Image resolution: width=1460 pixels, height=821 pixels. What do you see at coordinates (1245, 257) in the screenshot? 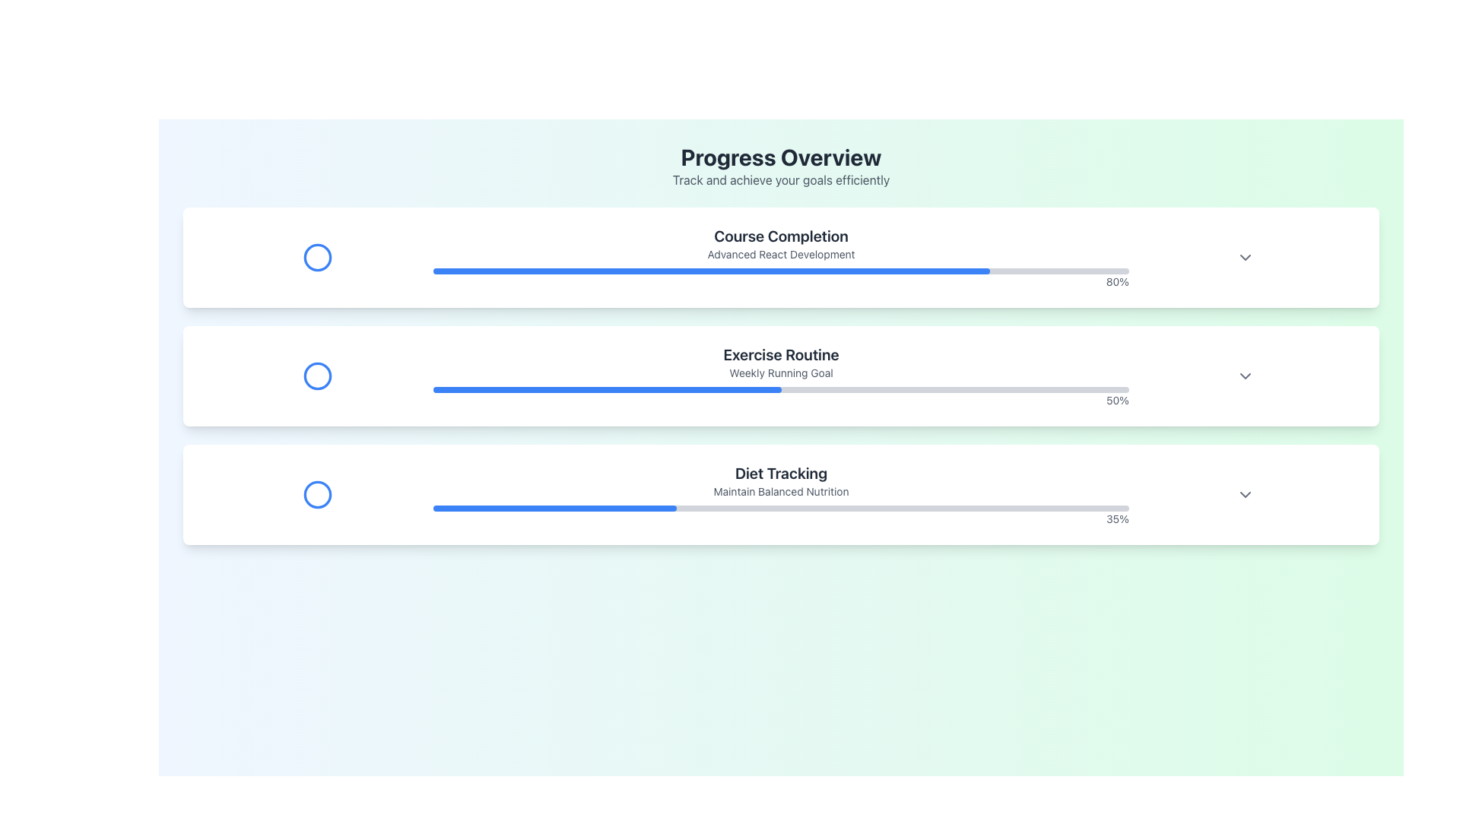
I see `the Chevron Down icon located in the 'Course Completion' section` at bounding box center [1245, 257].